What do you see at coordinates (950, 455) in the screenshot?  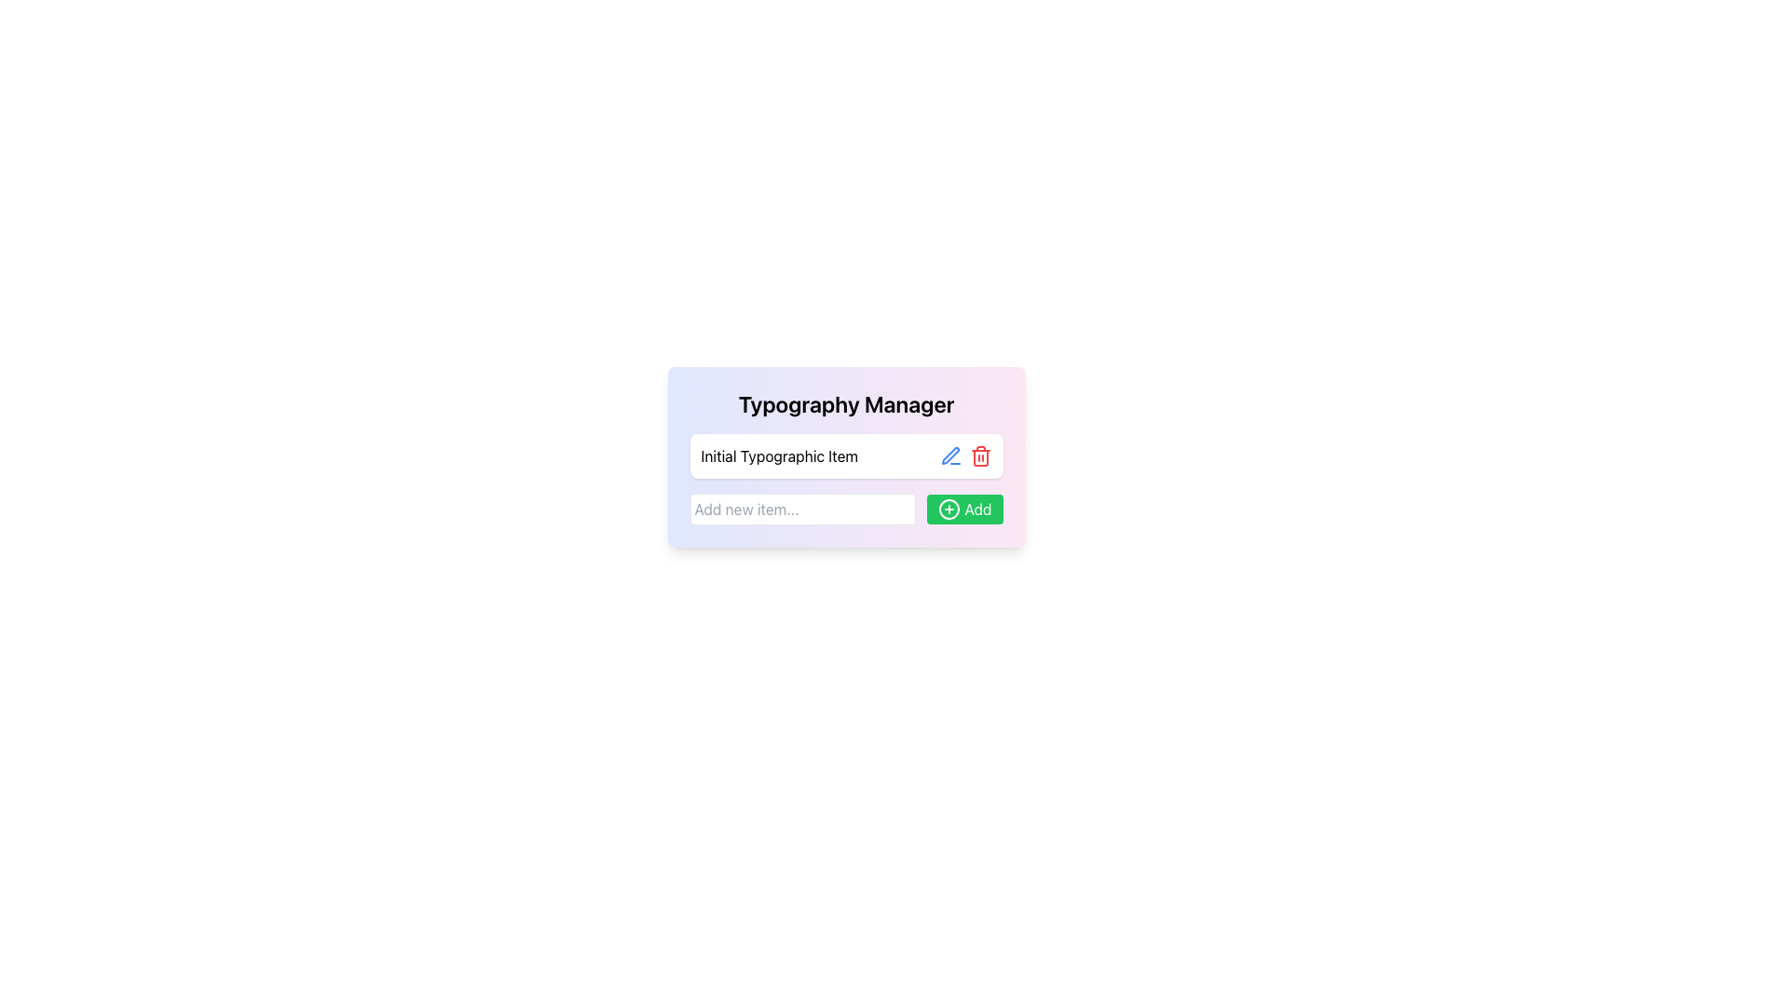 I see `the action button for editing the associated item, which is located to the right of the 'Initial Typographic Item' text input field` at bounding box center [950, 455].